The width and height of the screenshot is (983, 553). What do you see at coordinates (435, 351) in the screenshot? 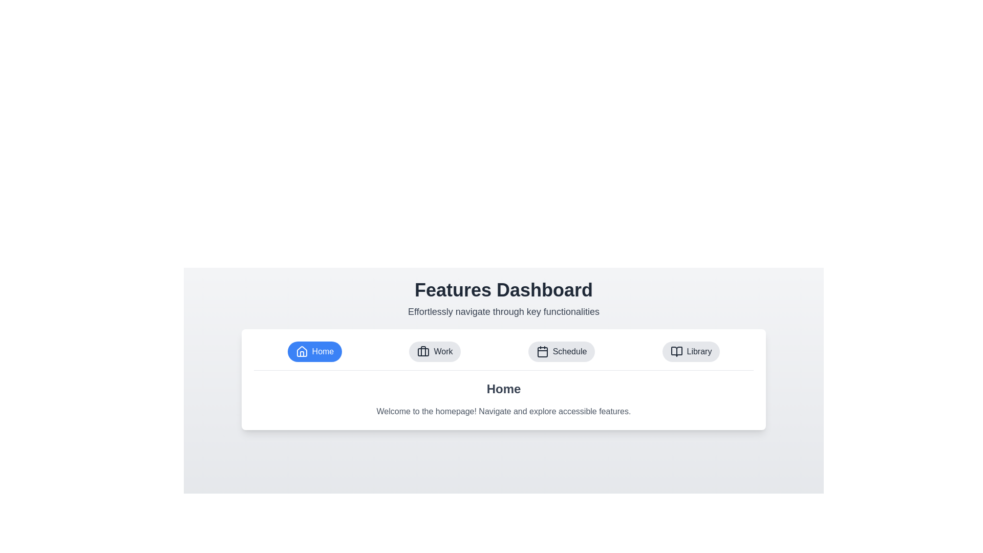
I see `the Work tab to observe its visual feedback` at bounding box center [435, 351].